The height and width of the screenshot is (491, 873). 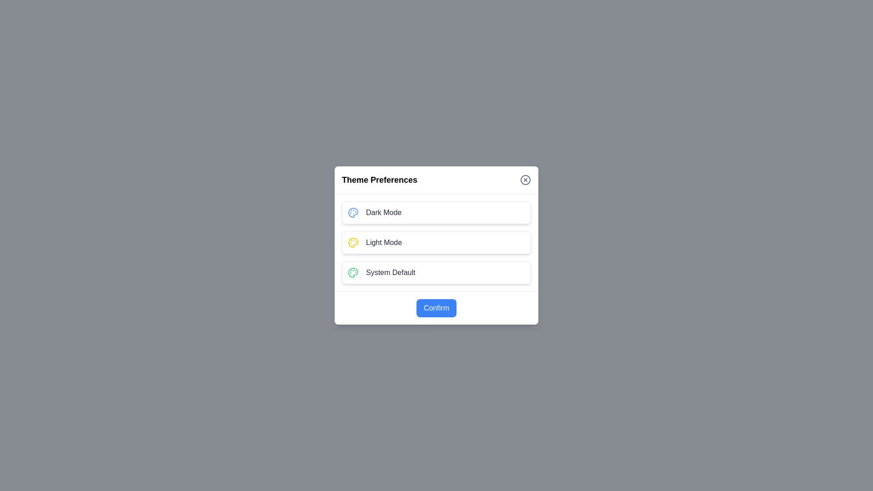 What do you see at coordinates (436, 212) in the screenshot?
I see `the theme preference by clicking on the option corresponding to Dark Mode` at bounding box center [436, 212].